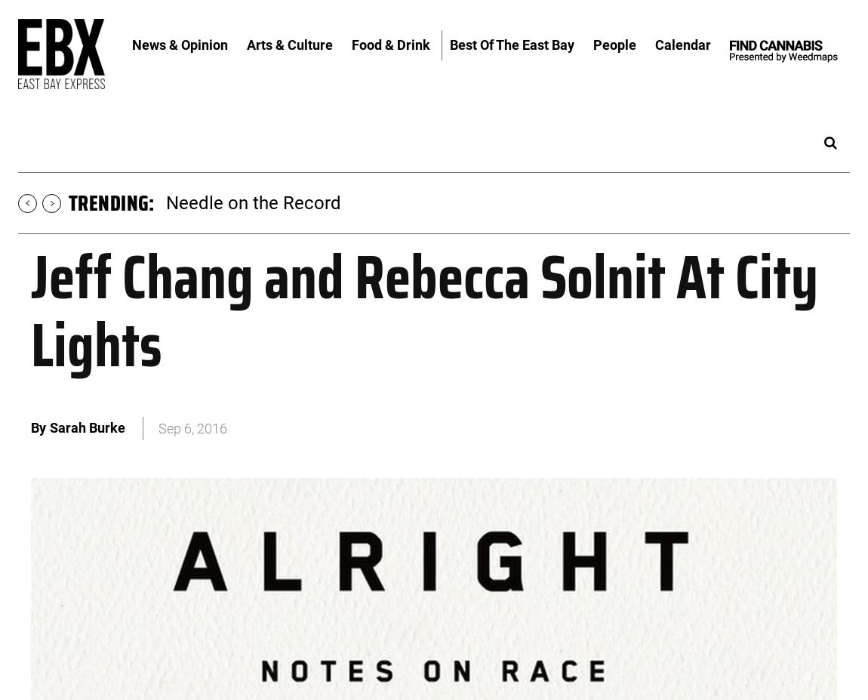 The image size is (868, 700). I want to click on 'Sarah Burke', so click(87, 427).